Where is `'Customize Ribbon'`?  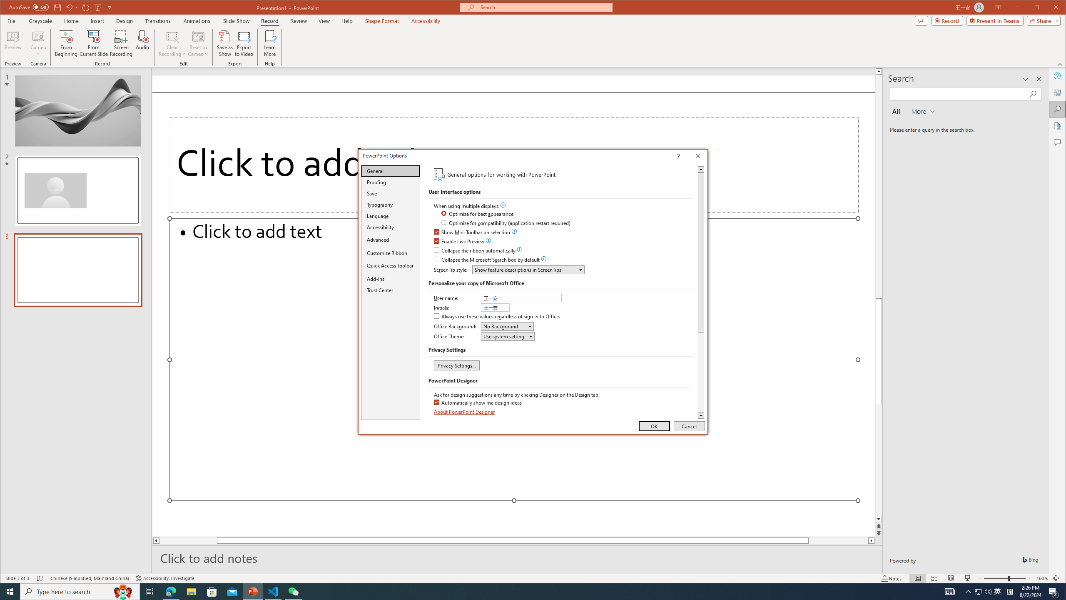
'Customize Ribbon' is located at coordinates (390, 252).